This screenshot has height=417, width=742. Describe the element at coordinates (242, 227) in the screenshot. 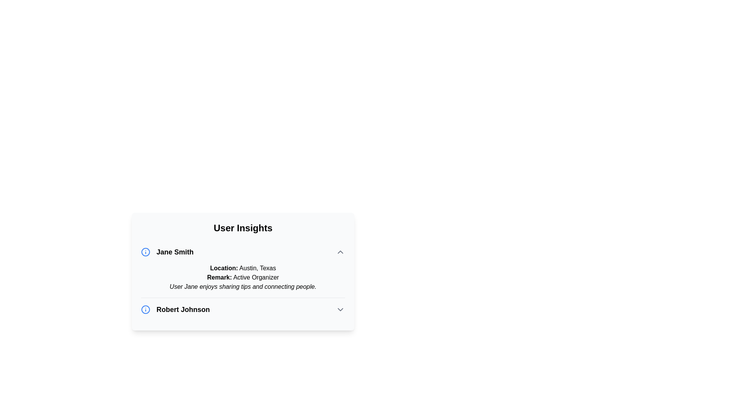

I see `the prominently styled text area displaying the title 'User Insights', which is centrally aligned at the top of its card-like section` at that location.